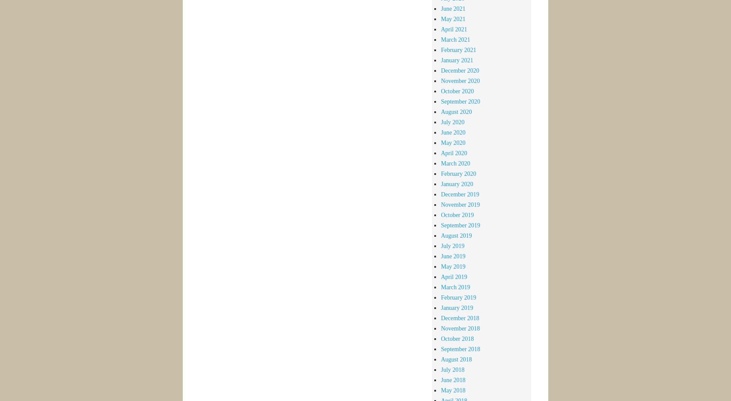 The height and width of the screenshot is (401, 731). What do you see at coordinates (457, 90) in the screenshot?
I see `'October 2020'` at bounding box center [457, 90].